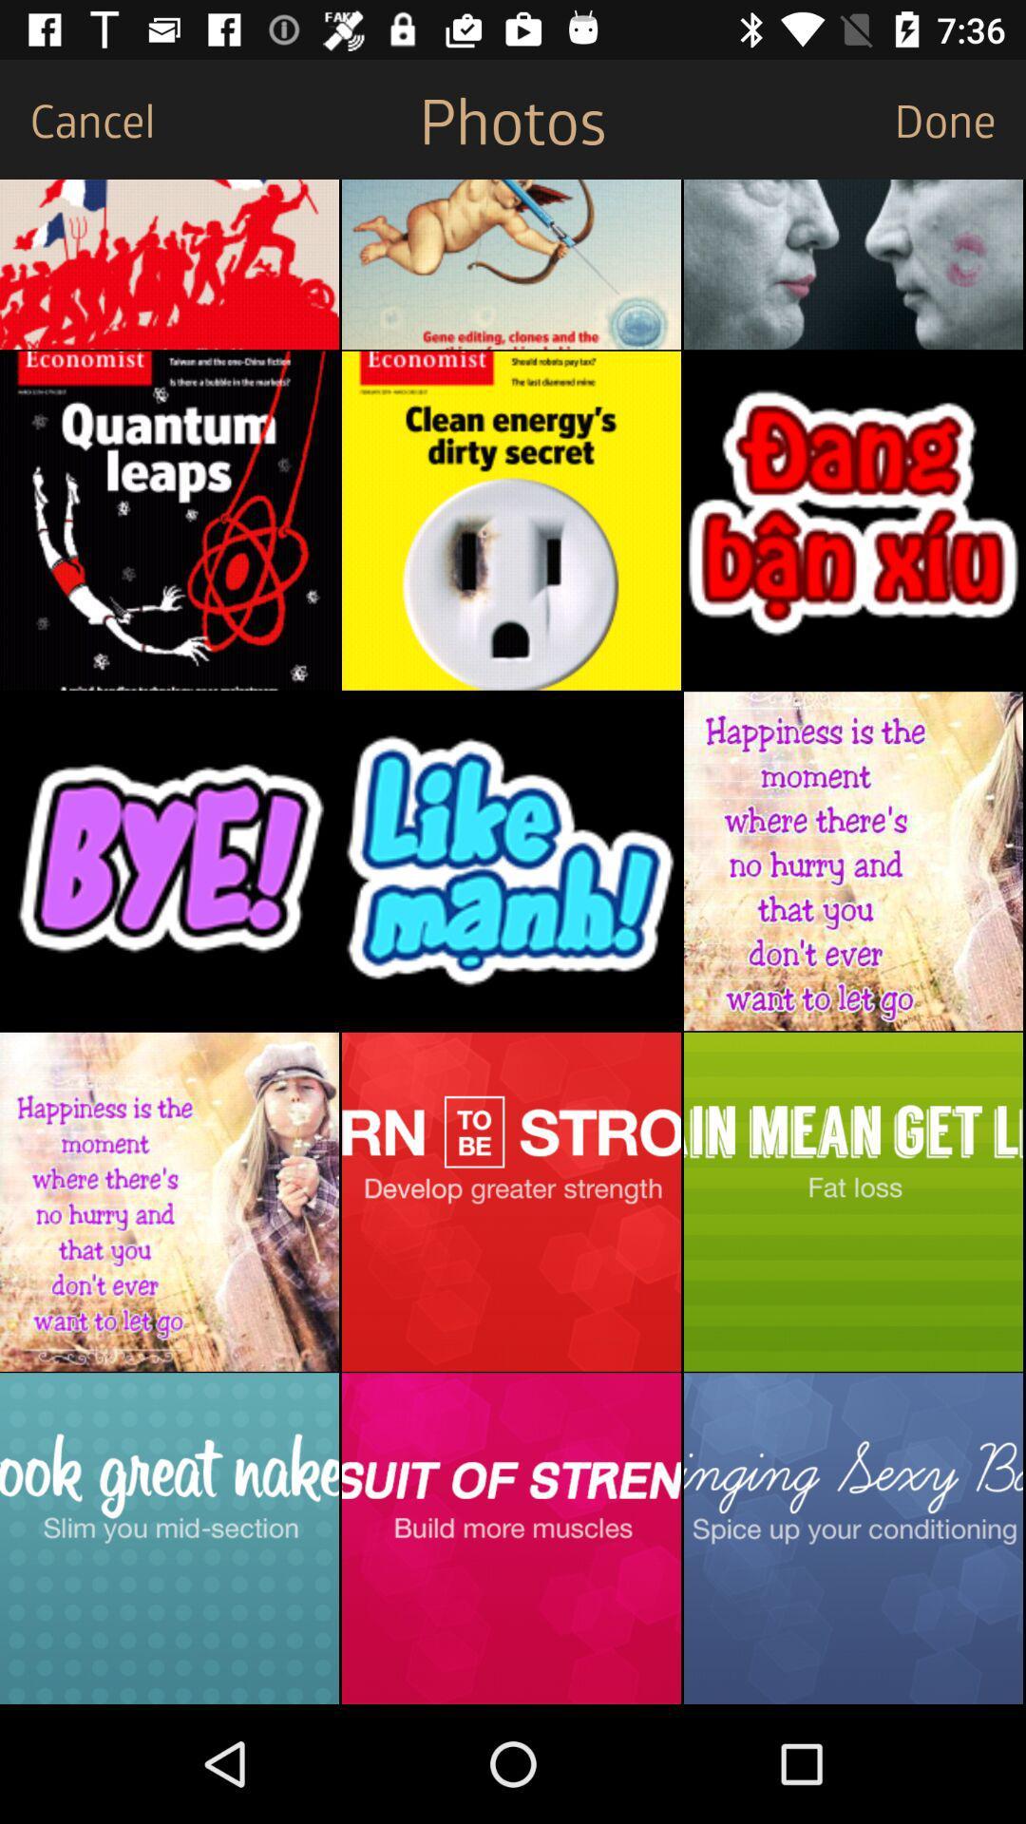 The width and height of the screenshot is (1026, 1824). What do you see at coordinates (510, 1538) in the screenshot?
I see `the photo` at bounding box center [510, 1538].